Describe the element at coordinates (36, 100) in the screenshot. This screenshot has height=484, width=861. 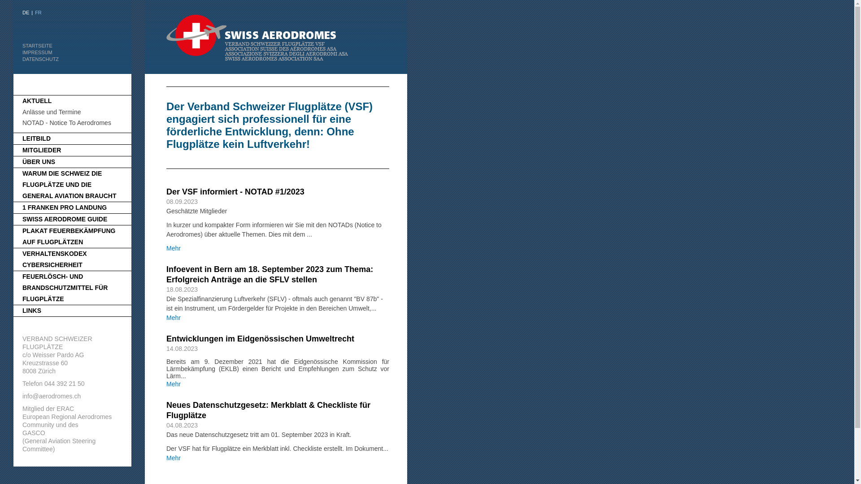
I see `'AKTUELL'` at that location.